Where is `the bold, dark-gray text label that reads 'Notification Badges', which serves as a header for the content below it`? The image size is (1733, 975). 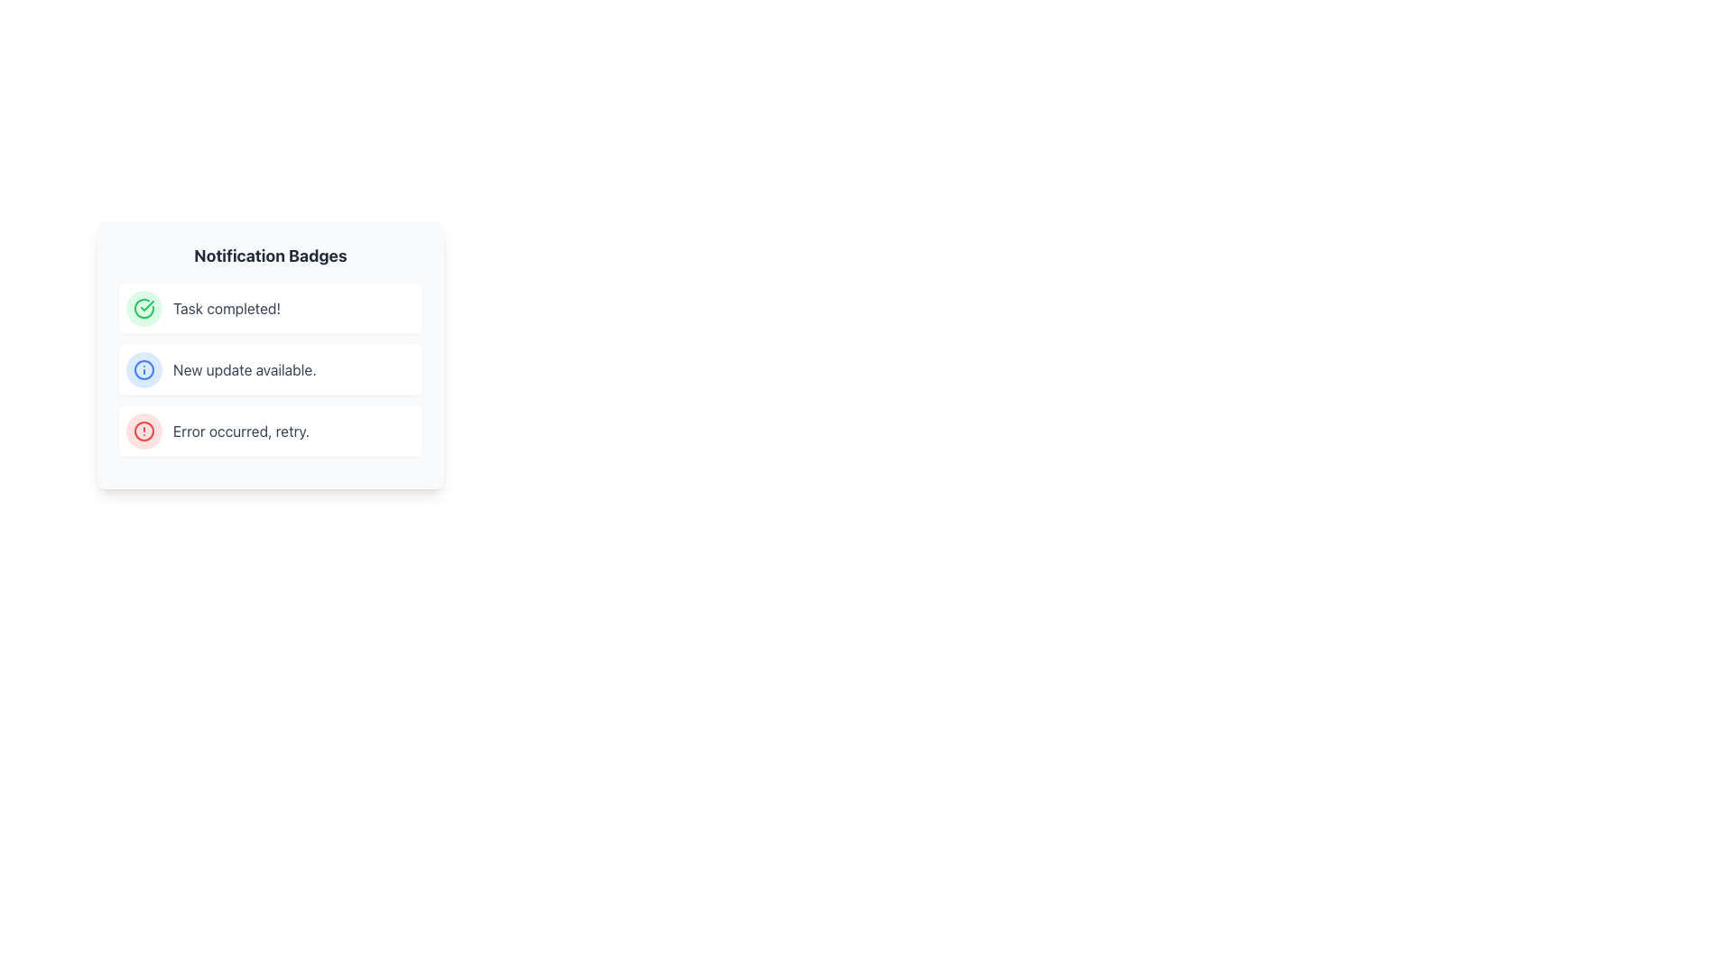 the bold, dark-gray text label that reads 'Notification Badges', which serves as a header for the content below it is located at coordinates (269, 256).